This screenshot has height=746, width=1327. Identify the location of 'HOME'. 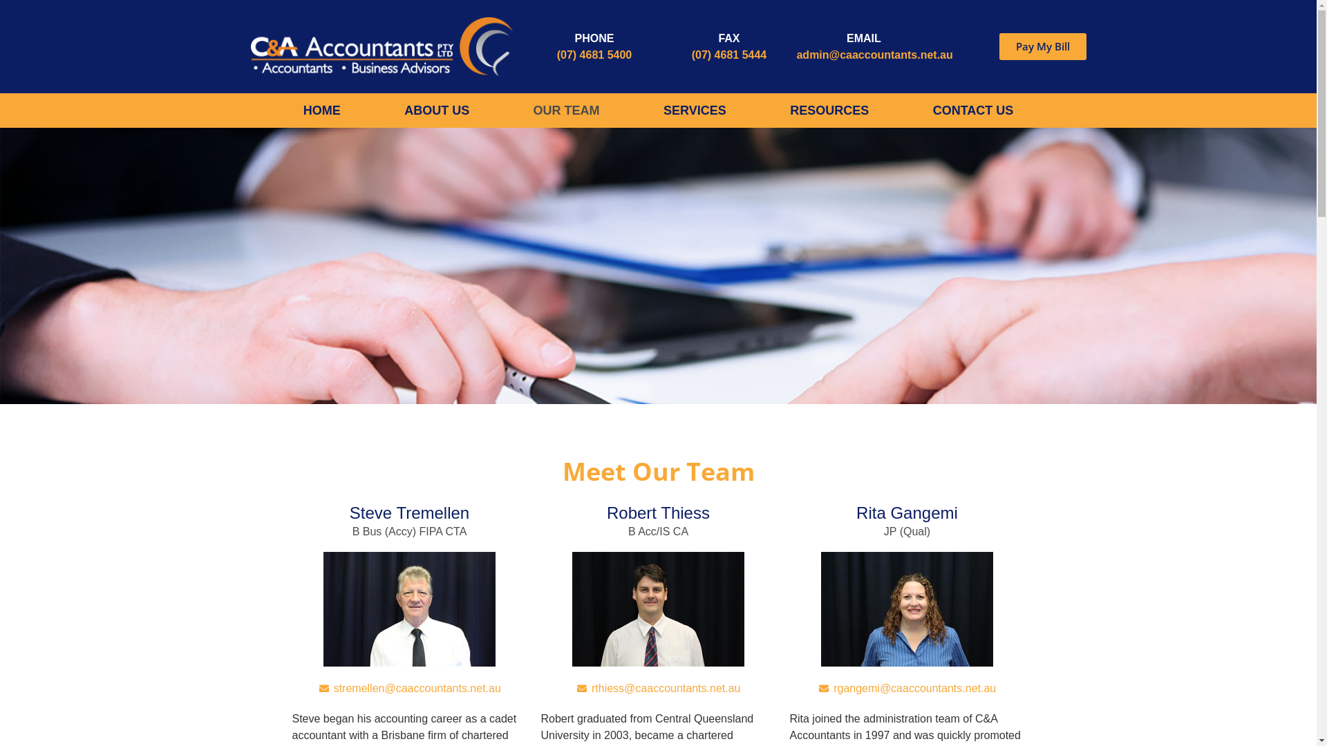
(321, 109).